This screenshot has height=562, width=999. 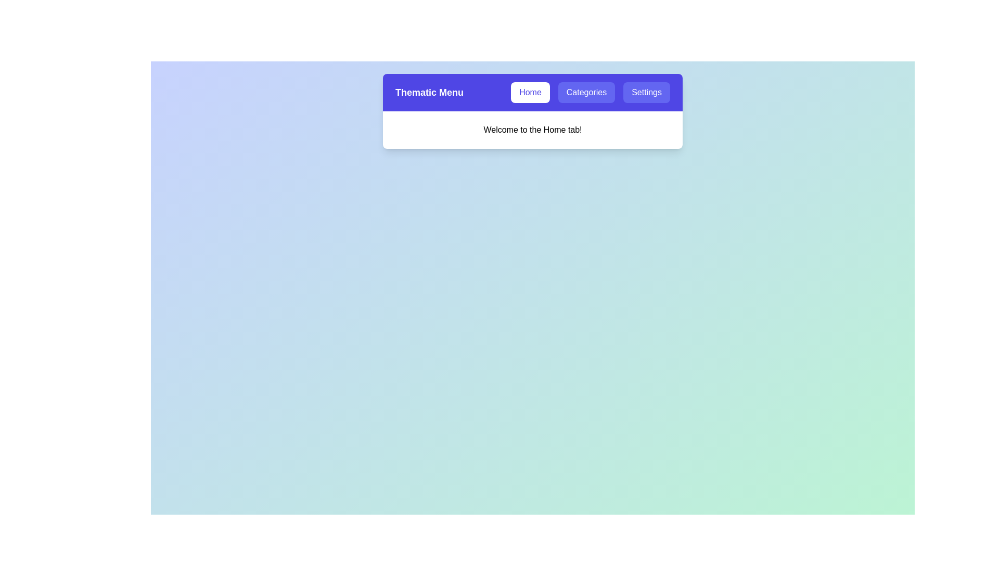 I want to click on the Home tab by clicking on its button, so click(x=530, y=92).